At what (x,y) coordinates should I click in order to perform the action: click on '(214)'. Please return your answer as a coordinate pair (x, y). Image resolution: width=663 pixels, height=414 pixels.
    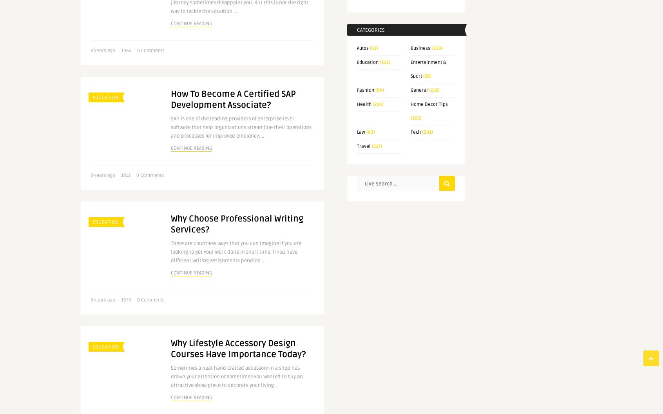
    Looking at the image, I should click on (377, 104).